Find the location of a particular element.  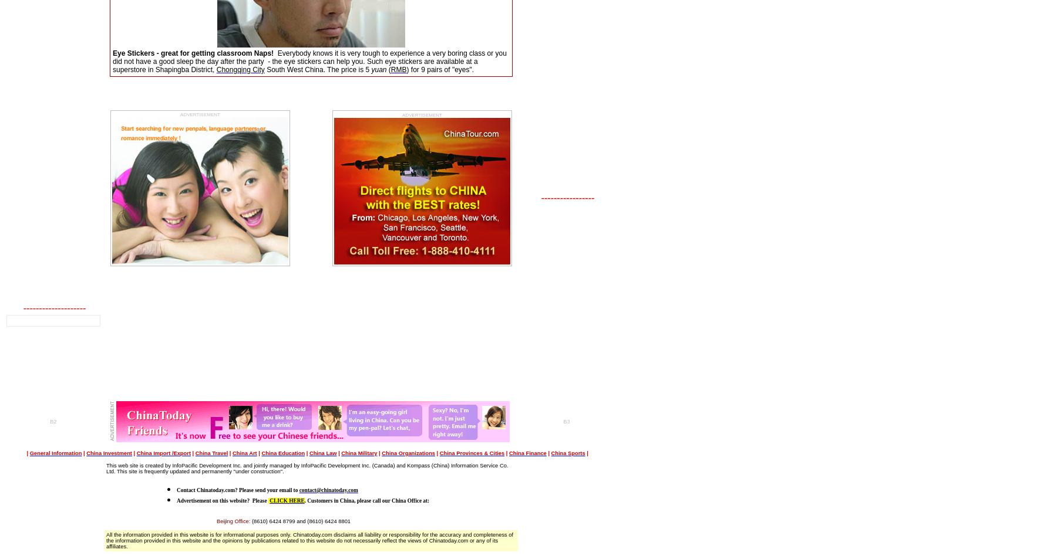

'China 
      Investment' is located at coordinates (109, 453).